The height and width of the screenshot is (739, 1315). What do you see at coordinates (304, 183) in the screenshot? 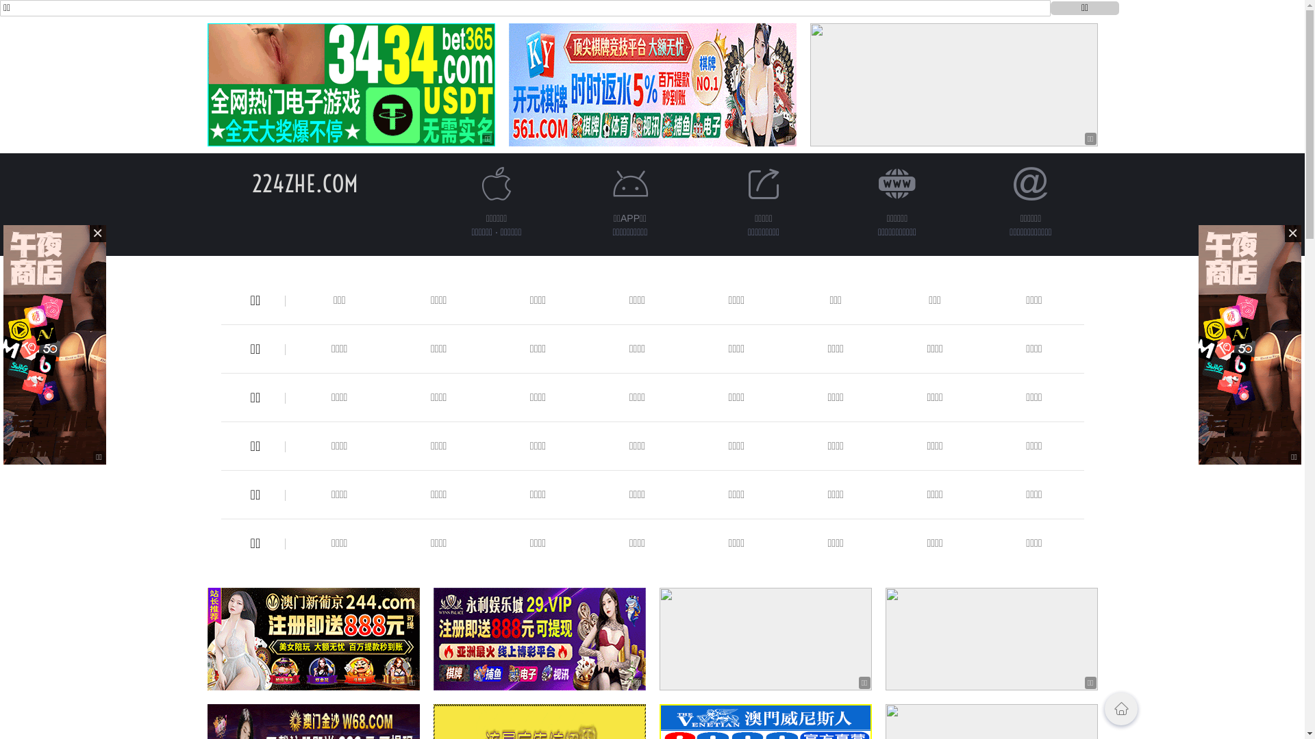
I see `'224ZHE.COM'` at bounding box center [304, 183].